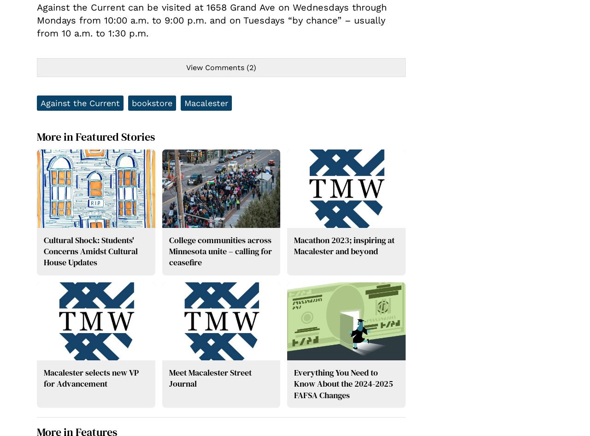  I want to click on 'More in Featured Stories', so click(37, 137).